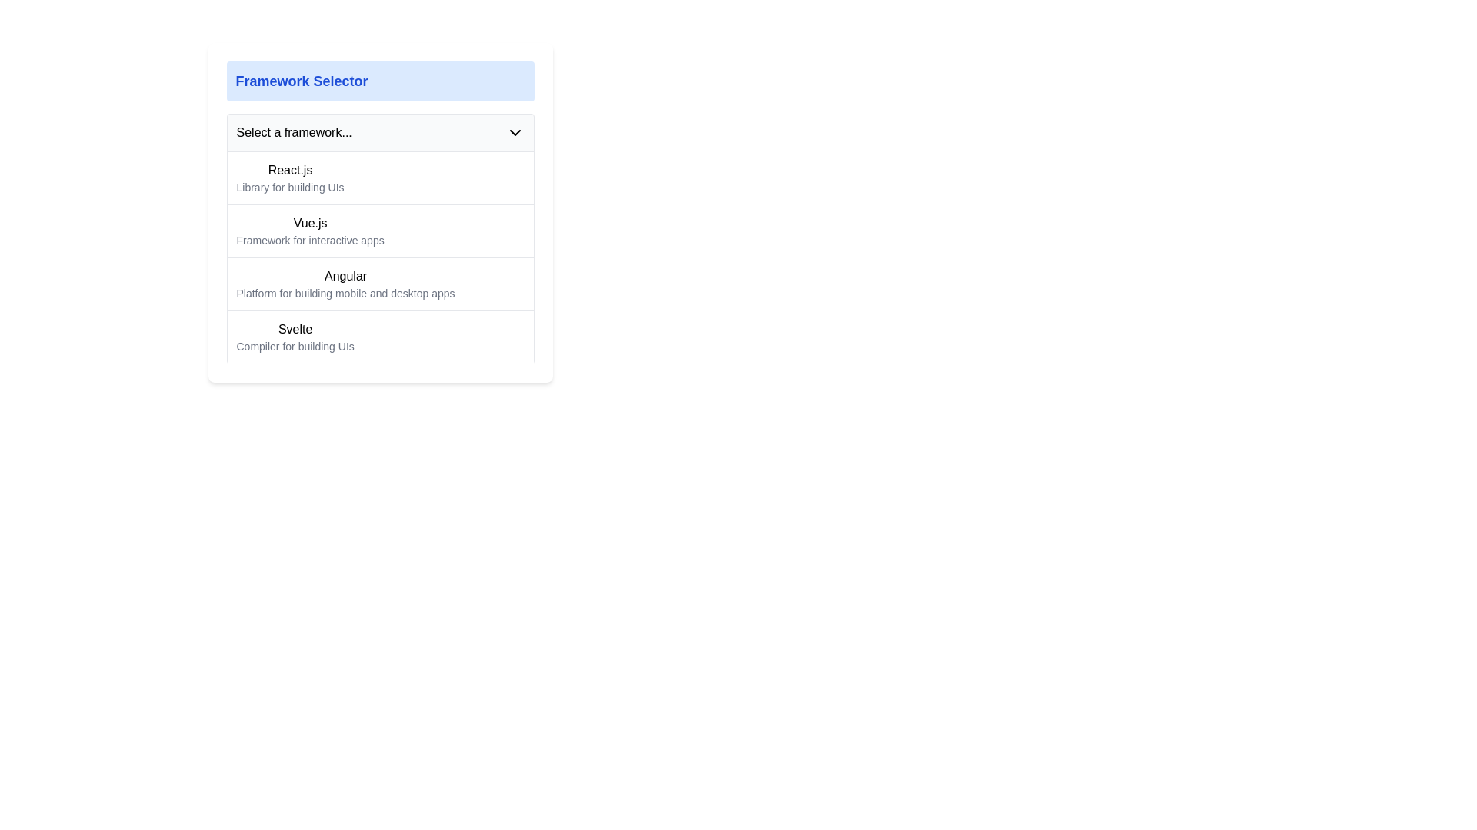 This screenshot has height=830, width=1477. Describe the element at coordinates (345, 275) in the screenshot. I see `the 'Angular' text label` at that location.